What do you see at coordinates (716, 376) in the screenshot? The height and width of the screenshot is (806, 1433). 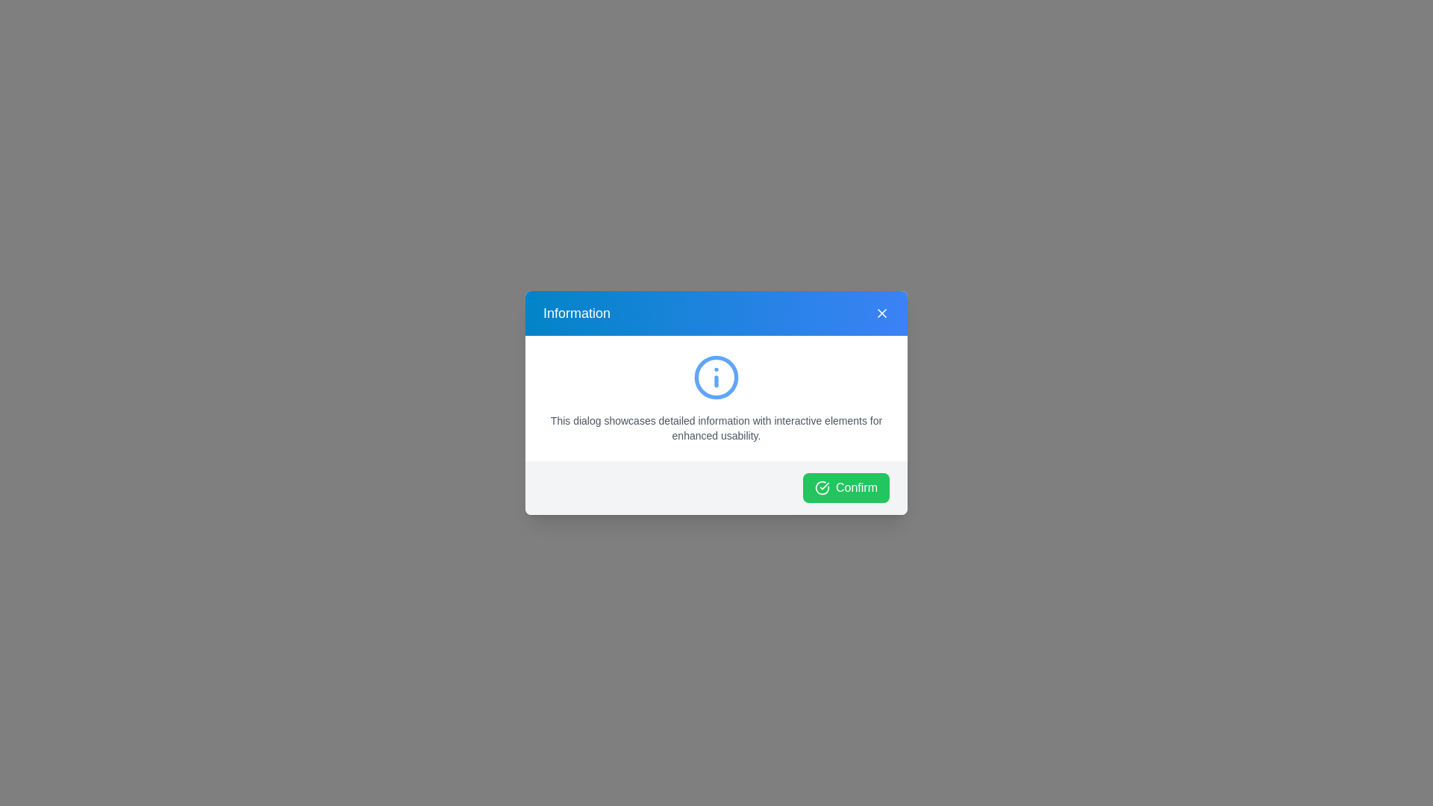 I see `the informational icon located centrally within the dialog box, positioned above the descriptive text and below the header` at bounding box center [716, 376].